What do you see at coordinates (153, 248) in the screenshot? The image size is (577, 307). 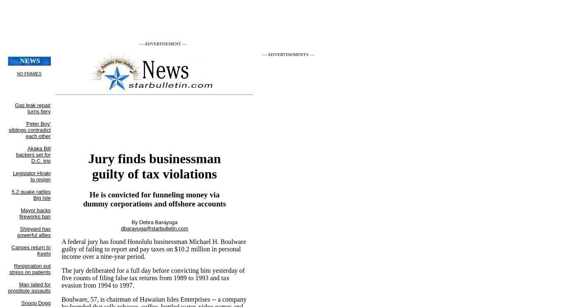 I see `'A federal jury has found Honolulu businessman Michael H. Boulware guilty of failing to report and pay taxes on $10.2 million in personal income over a nine-year period.'` at bounding box center [153, 248].